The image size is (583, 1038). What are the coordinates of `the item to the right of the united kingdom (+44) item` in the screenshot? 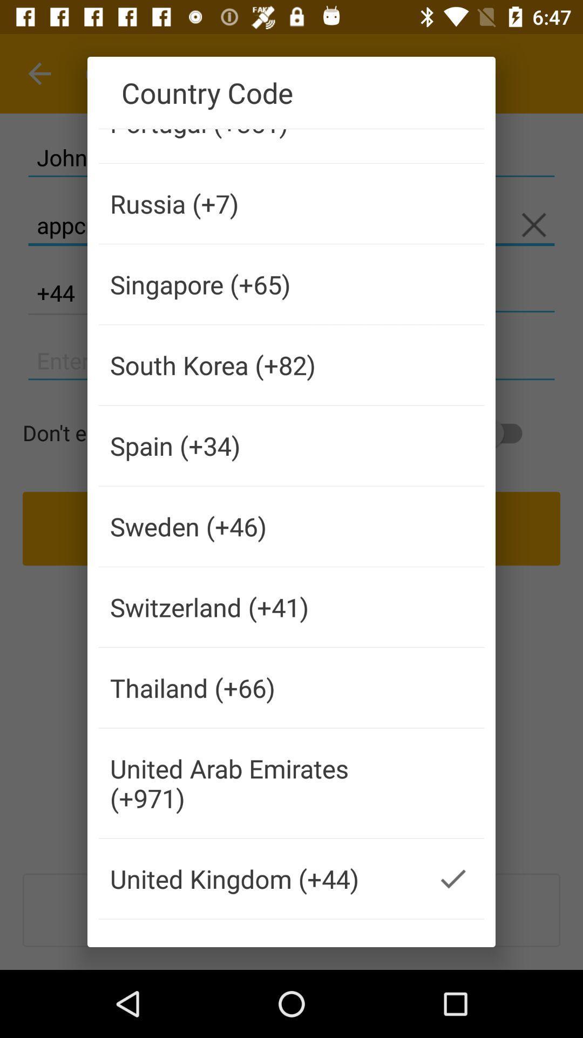 It's located at (453, 879).